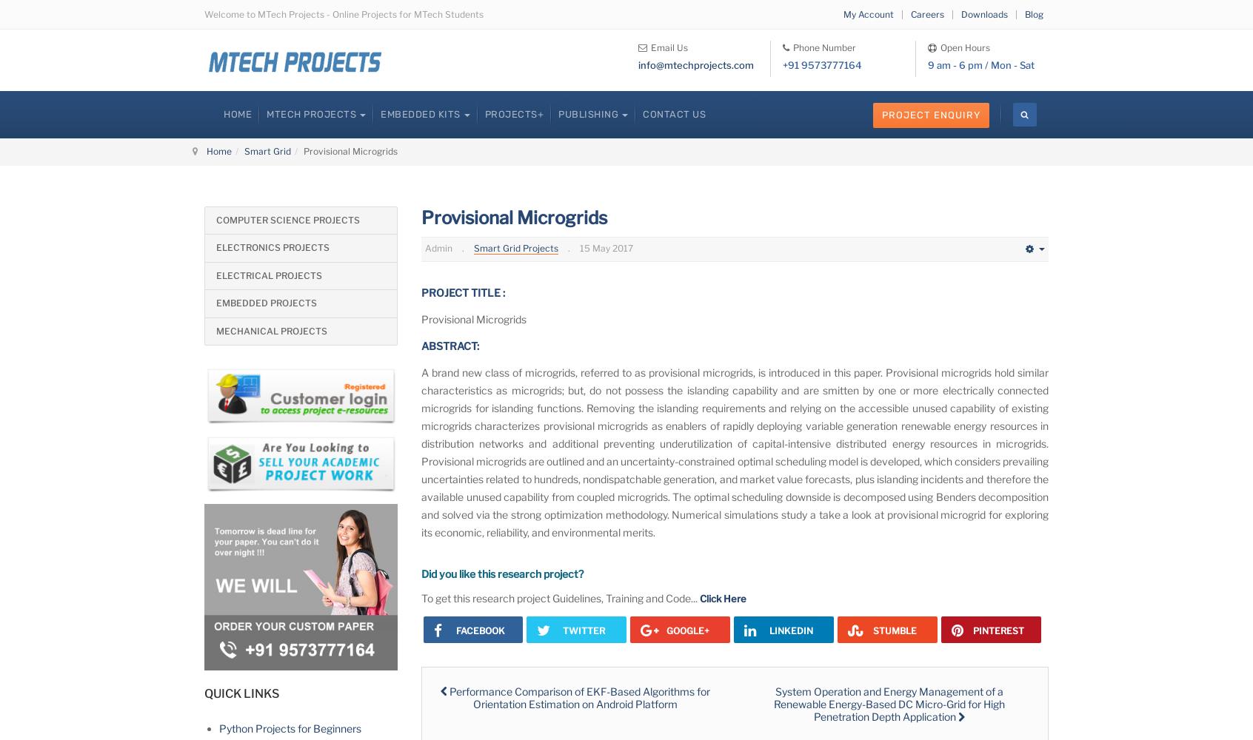  I want to click on 'System Operation and Energy Management of a Renewable Energy-Based DC Micro-Grid for High Penetration Depth Application', so click(889, 702).